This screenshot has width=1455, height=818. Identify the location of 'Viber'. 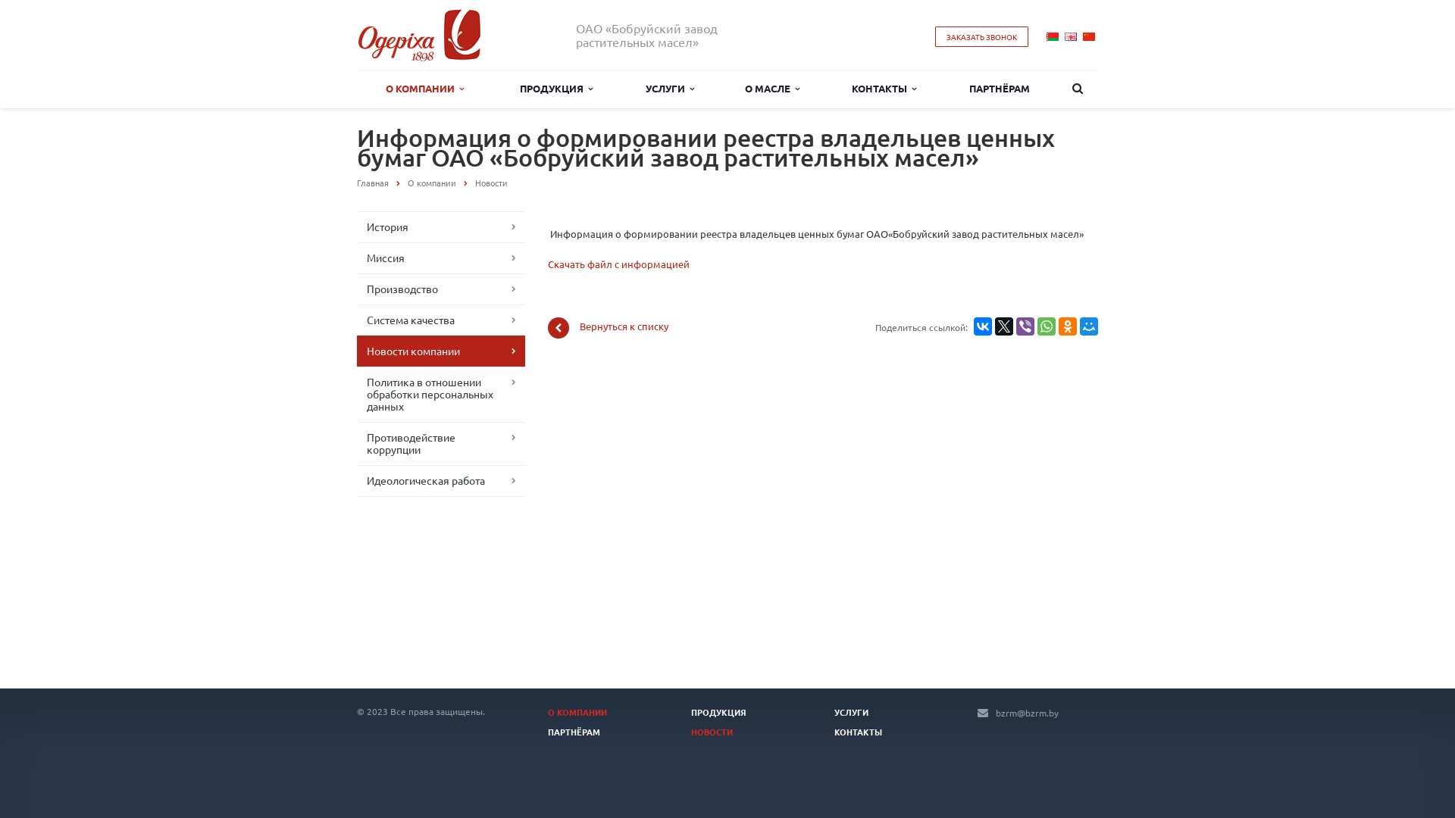
(1025, 326).